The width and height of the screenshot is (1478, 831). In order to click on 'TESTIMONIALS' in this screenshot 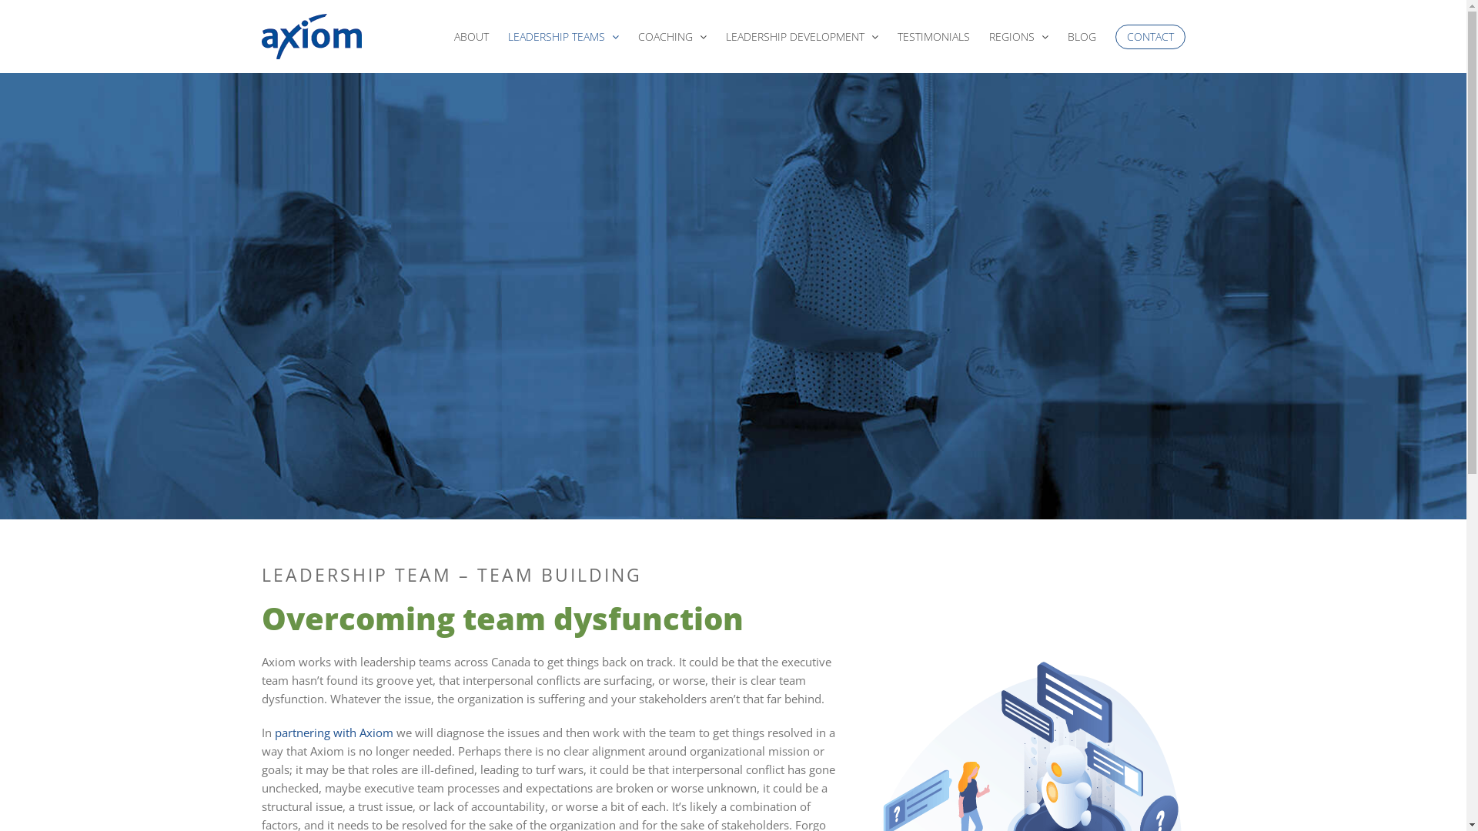, I will do `click(898, 35)`.